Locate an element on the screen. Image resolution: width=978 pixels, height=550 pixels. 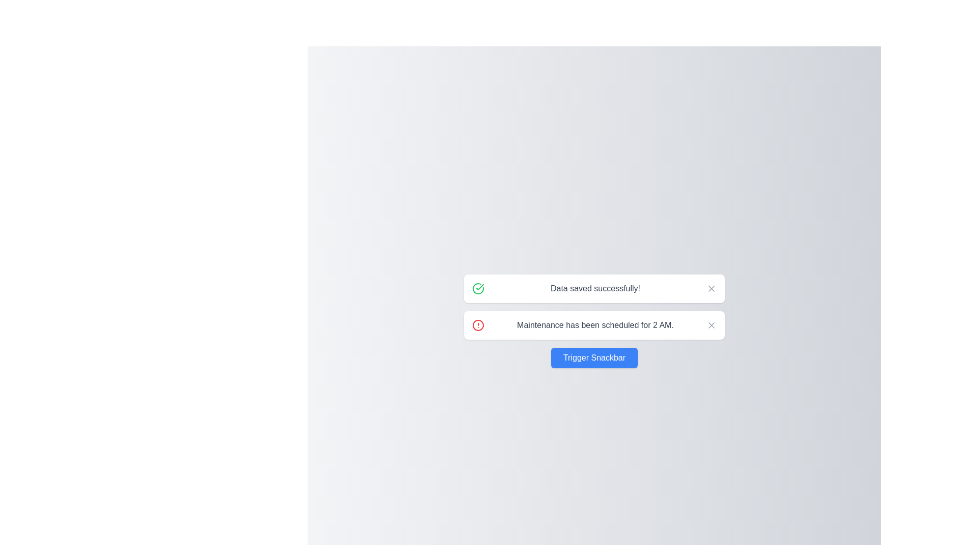
the close button of the snackbar with message 'Data saved successfully!' is located at coordinates (711, 289).